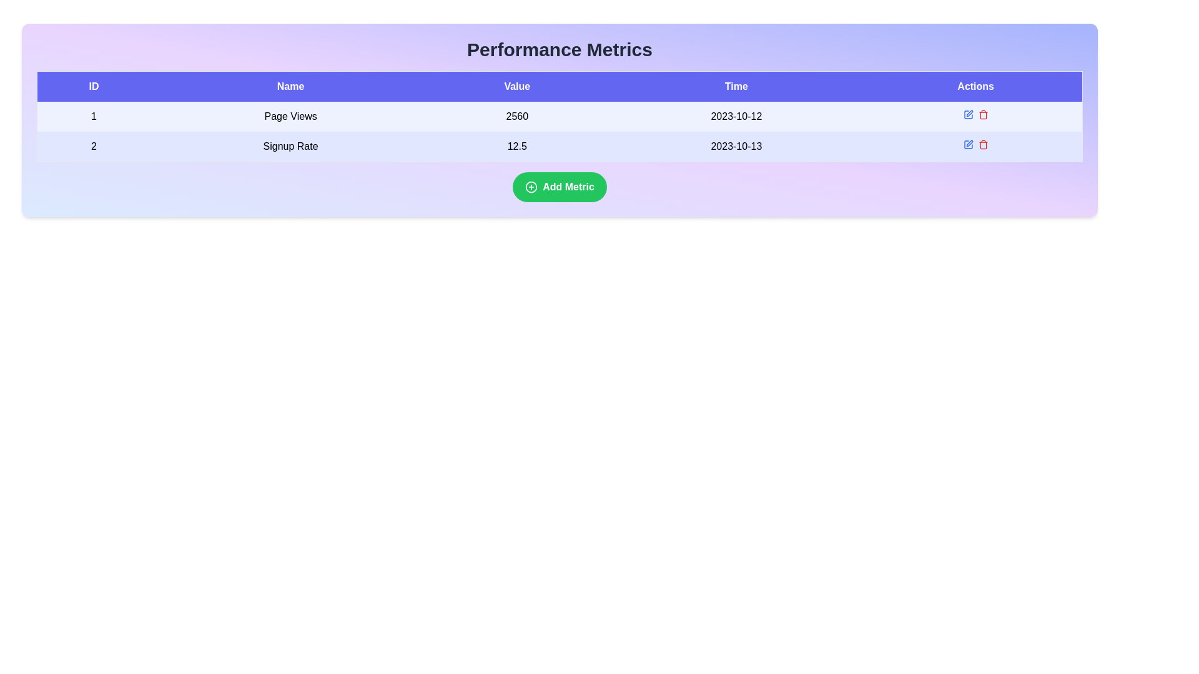 The width and height of the screenshot is (1199, 674). I want to click on the static text label displaying 'Signup Rate' which is bold and centralized, located in the second row of the table under the 'Name' column, so click(290, 146).